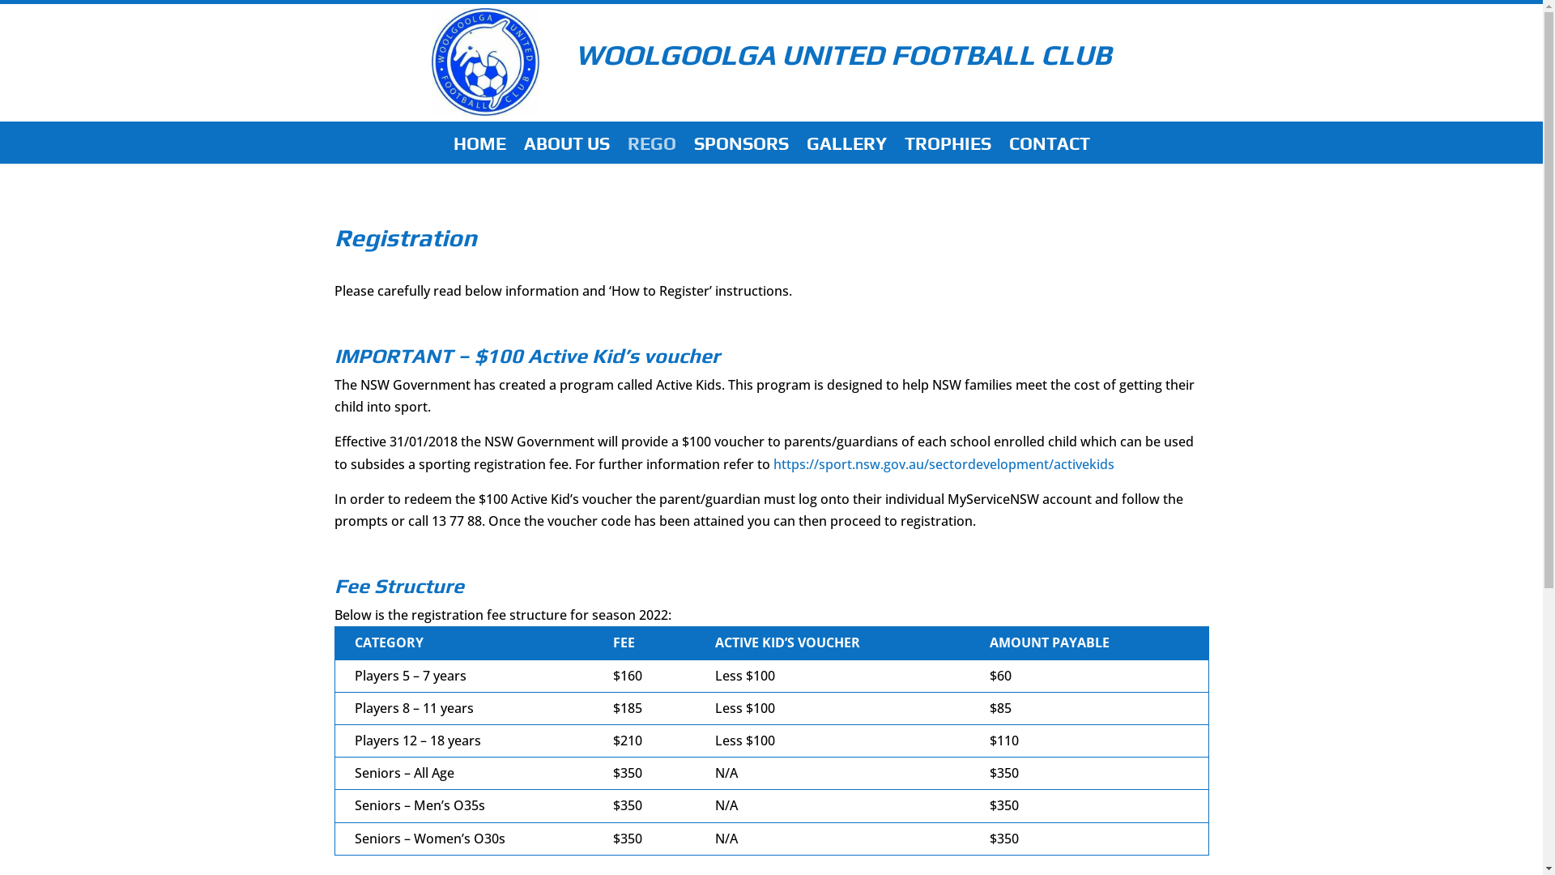 The image size is (1555, 875). What do you see at coordinates (943, 464) in the screenshot?
I see `'https://sport.nsw.gov.au/sectordevelopment/activekids'` at bounding box center [943, 464].